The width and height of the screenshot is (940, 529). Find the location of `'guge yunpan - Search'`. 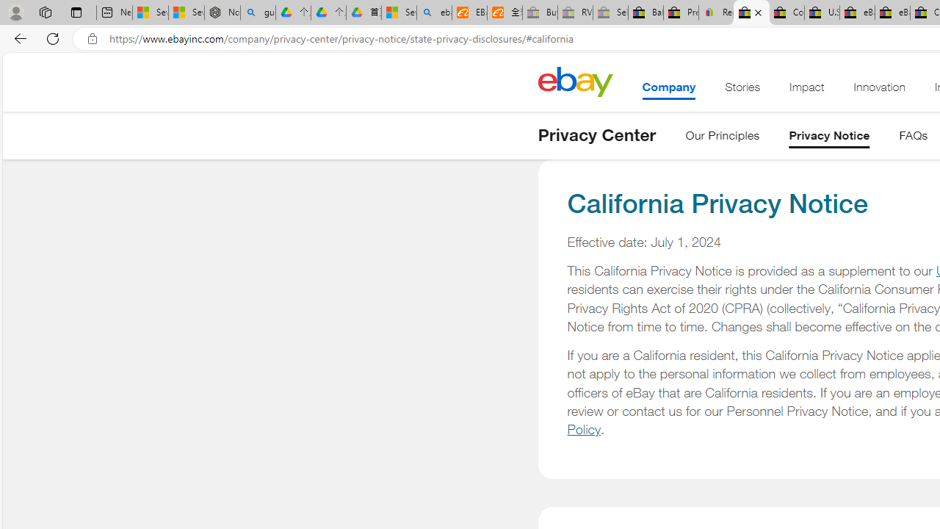

'guge yunpan - Search' is located at coordinates (258, 12).